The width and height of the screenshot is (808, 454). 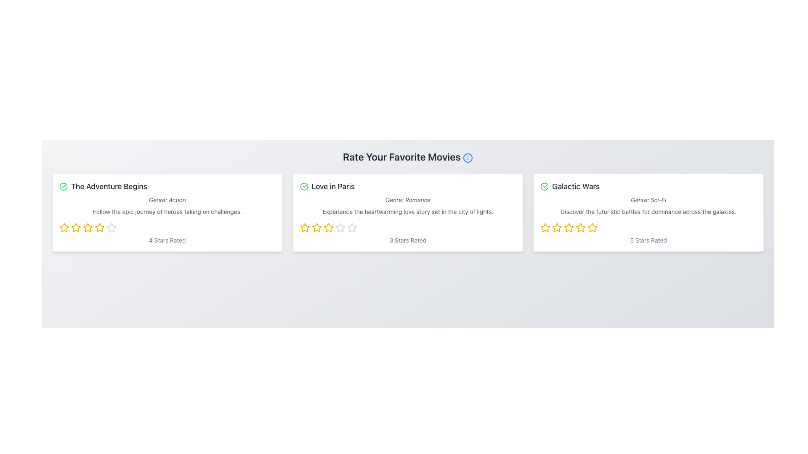 I want to click on the second star icon in the rating section of the 'Galactic Wars' movie card, so click(x=557, y=227).